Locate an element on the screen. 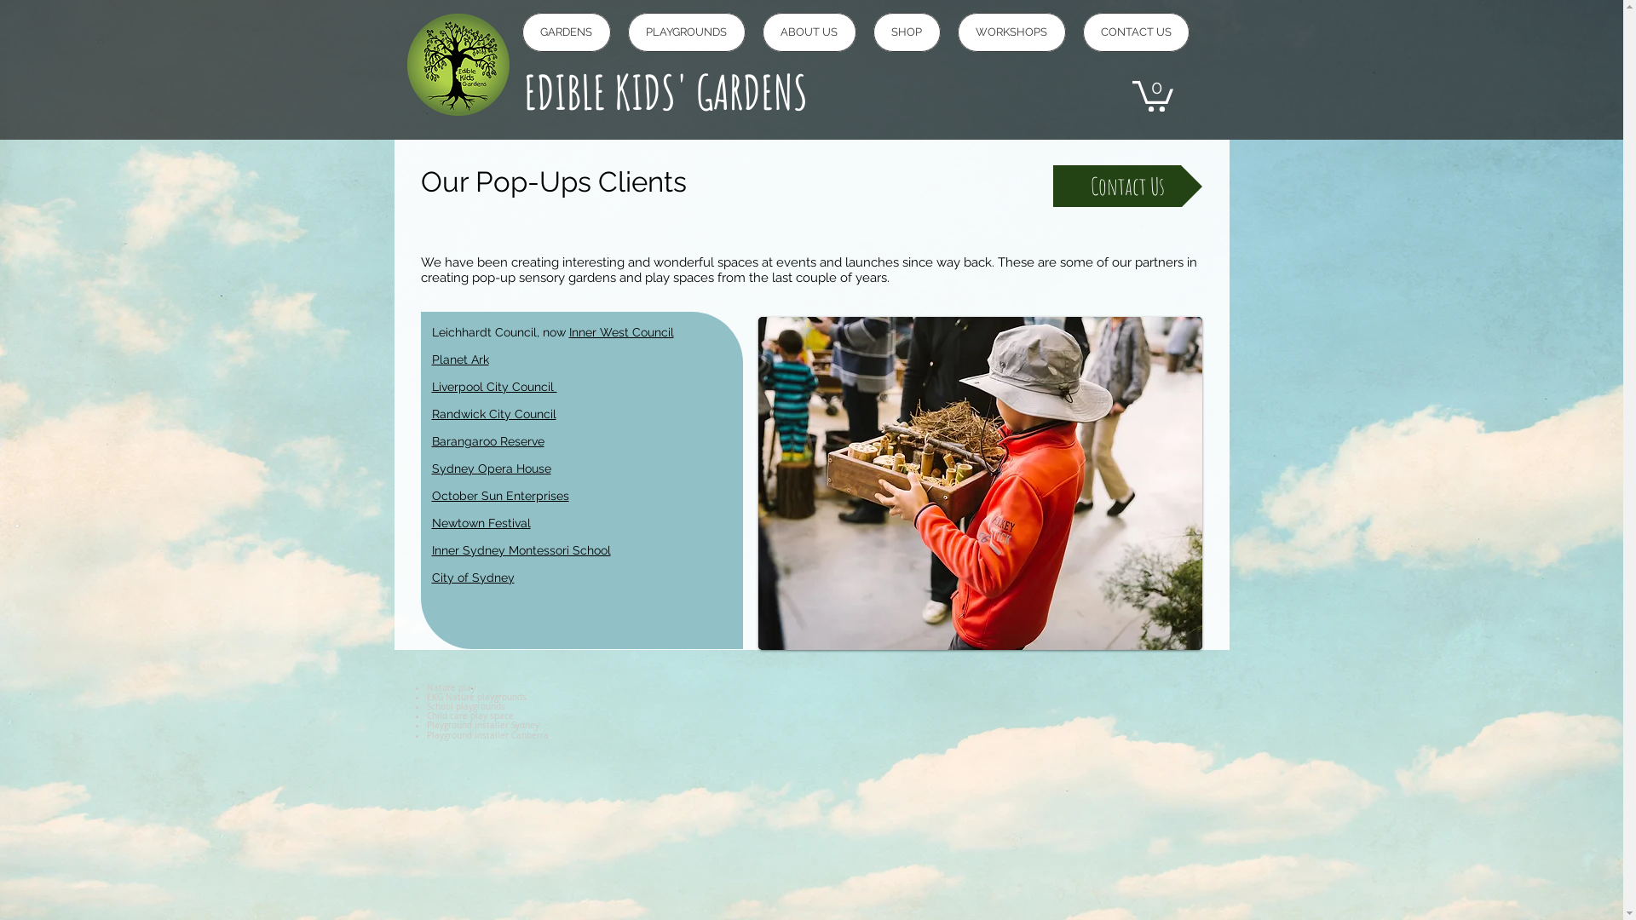 The height and width of the screenshot is (920, 1636). 'EKG_Barangaroo_PiddingtonAmy-149_lores.jpg' is located at coordinates (980, 483).